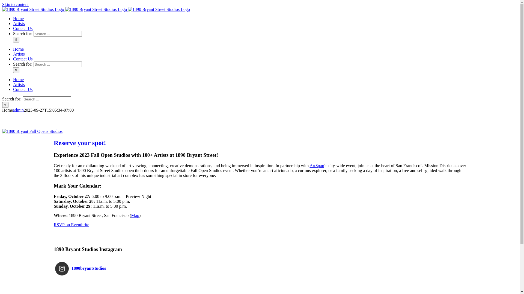  Describe the element at coordinates (18, 79) in the screenshot. I see `'Home'` at that location.